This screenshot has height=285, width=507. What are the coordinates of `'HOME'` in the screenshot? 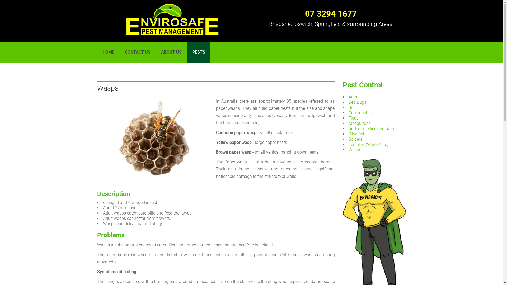 It's located at (97, 52).